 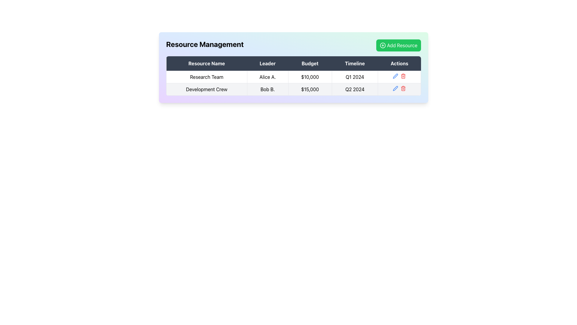 What do you see at coordinates (206, 89) in the screenshot?
I see `the text label displaying 'Development Crew', which is located in the second row and first column of the table under the 'Resource Name' column` at bounding box center [206, 89].